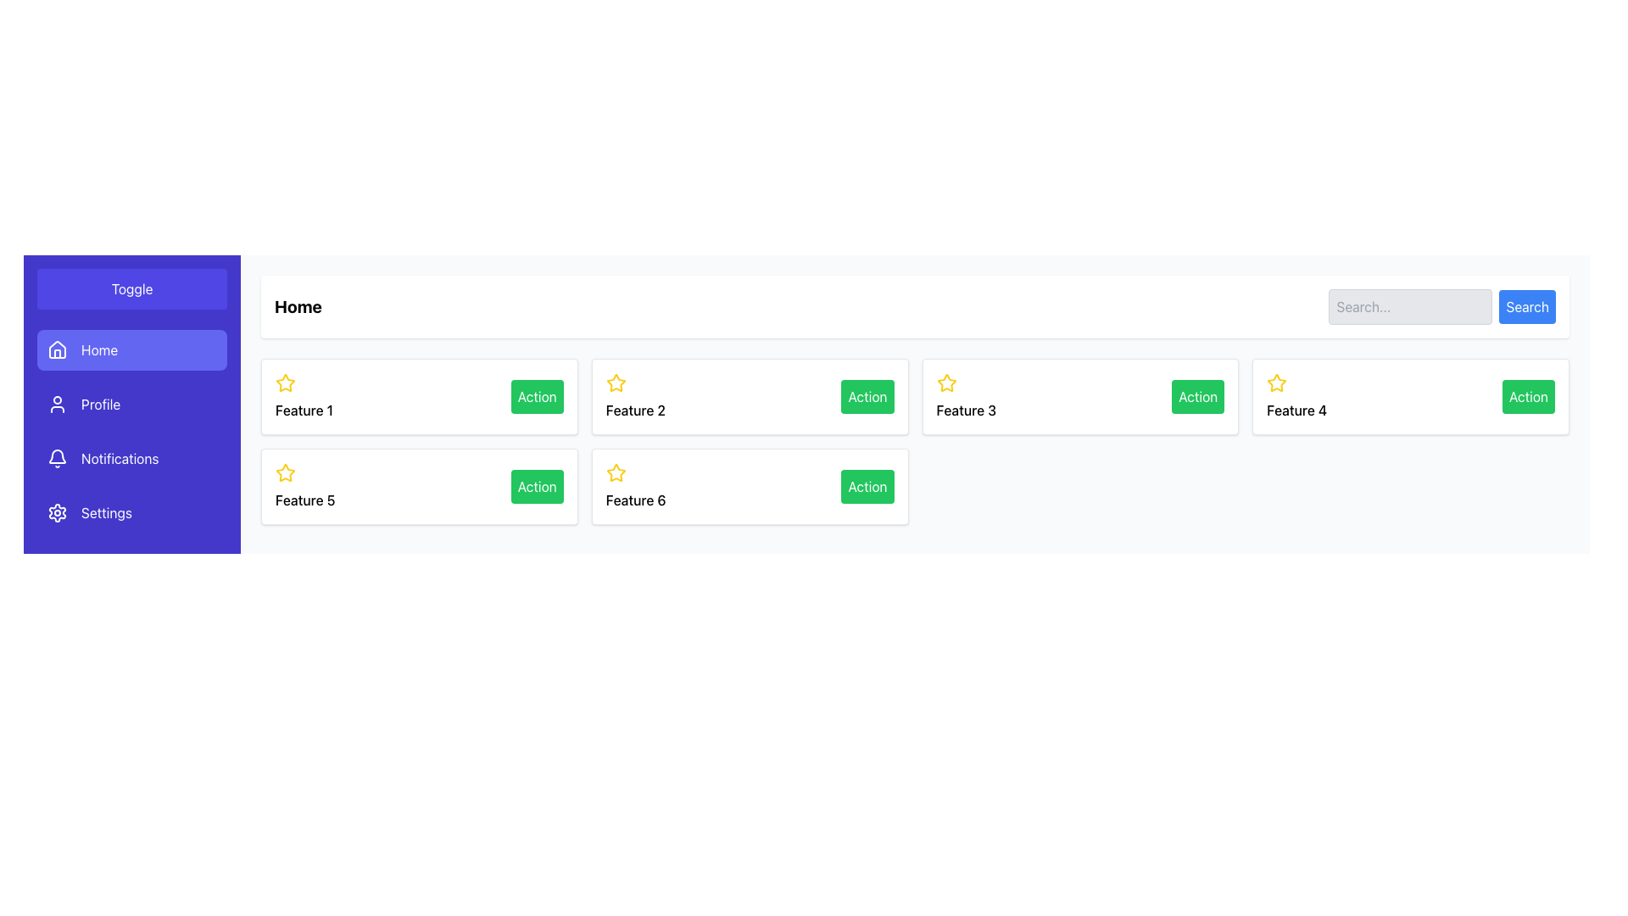  I want to click on the 'Notifications' button, which is the third item in the vertical navigation menu, featuring a bell icon and a purple background, so click(131, 458).